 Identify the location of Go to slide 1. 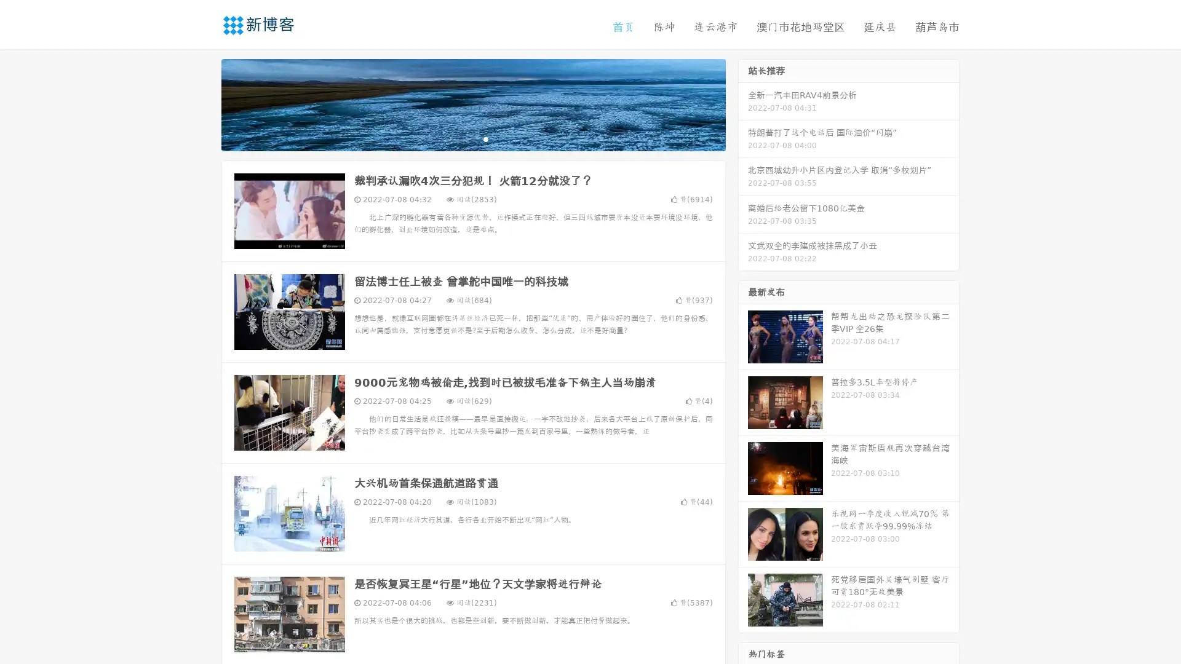
(460, 138).